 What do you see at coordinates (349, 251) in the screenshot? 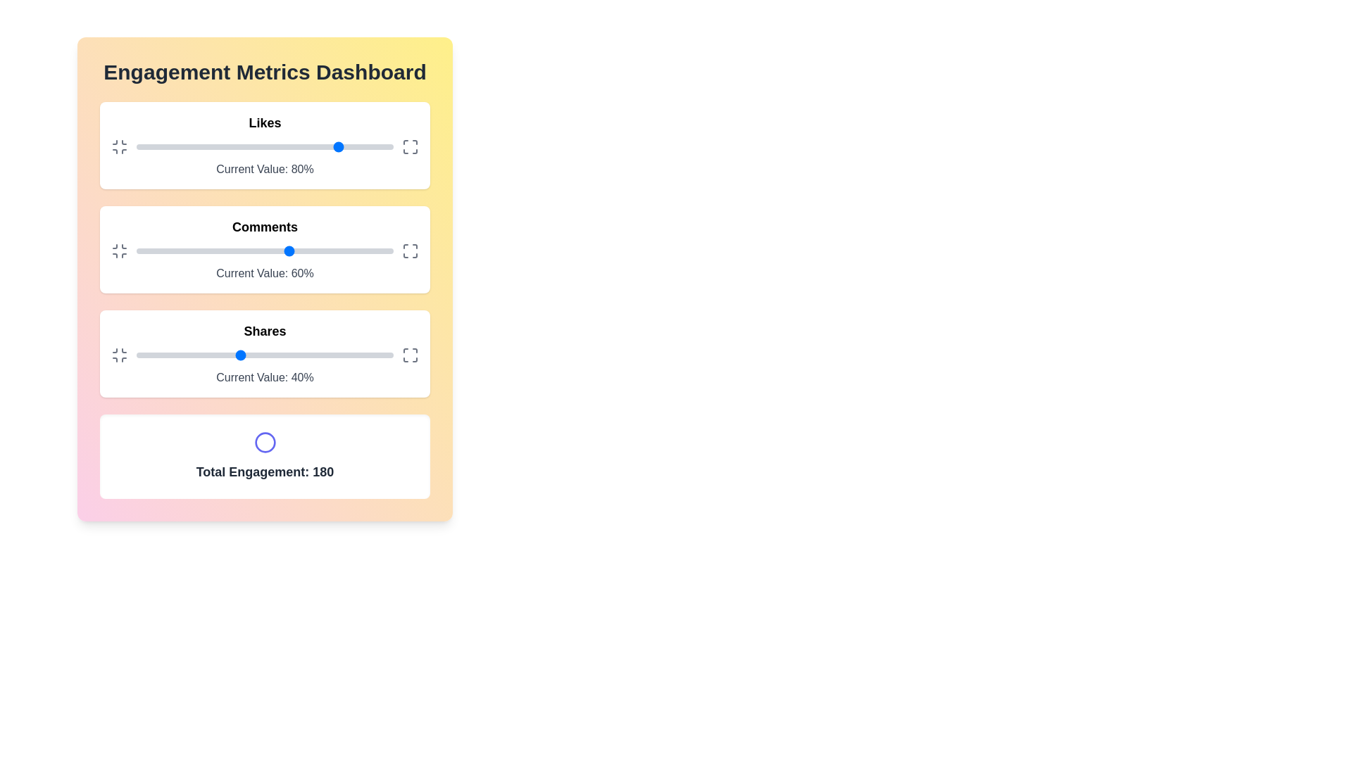
I see `comments` at bounding box center [349, 251].